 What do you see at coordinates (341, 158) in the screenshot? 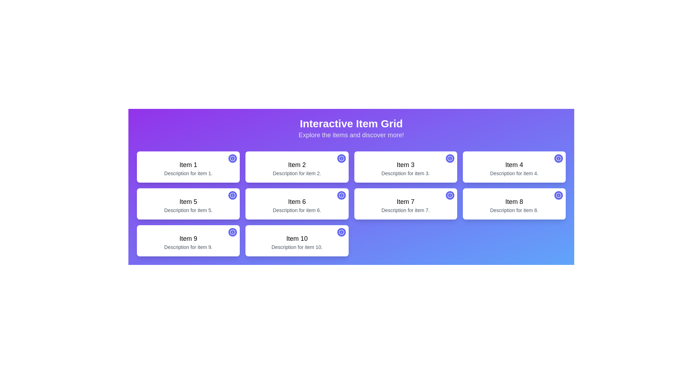
I see `the prominent circular button with a white info icon at the top-right corner of the 'Item 2' card` at bounding box center [341, 158].